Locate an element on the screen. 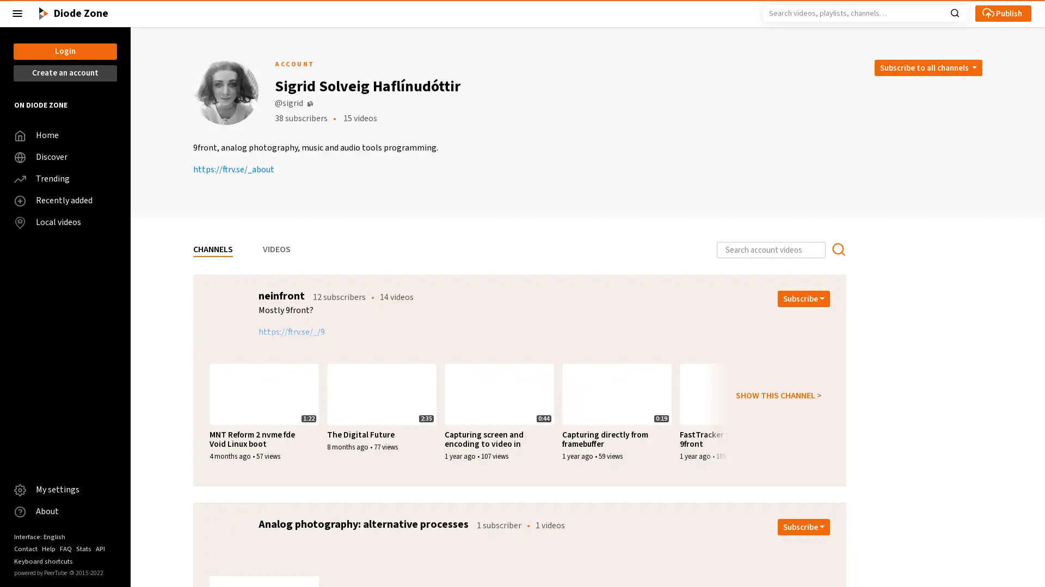 Image resolution: width=1045 pixels, height=587 pixels. Close the left menu is located at coordinates (17, 13).